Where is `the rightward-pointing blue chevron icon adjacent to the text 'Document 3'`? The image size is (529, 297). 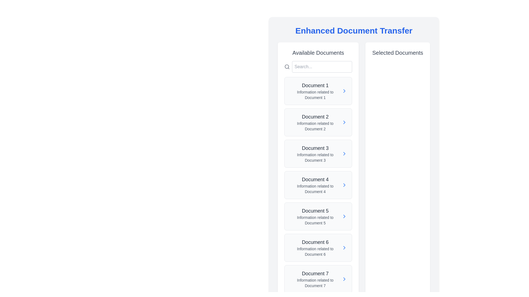 the rightward-pointing blue chevron icon adjacent to the text 'Document 3' is located at coordinates (344, 154).